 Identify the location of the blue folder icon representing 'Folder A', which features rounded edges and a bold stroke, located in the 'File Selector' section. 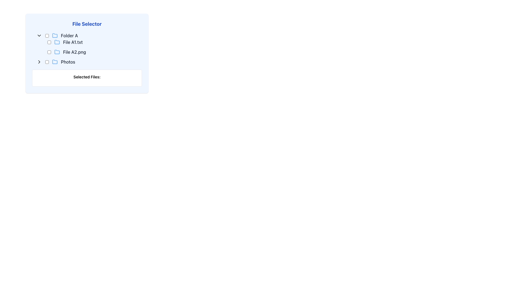
(55, 36).